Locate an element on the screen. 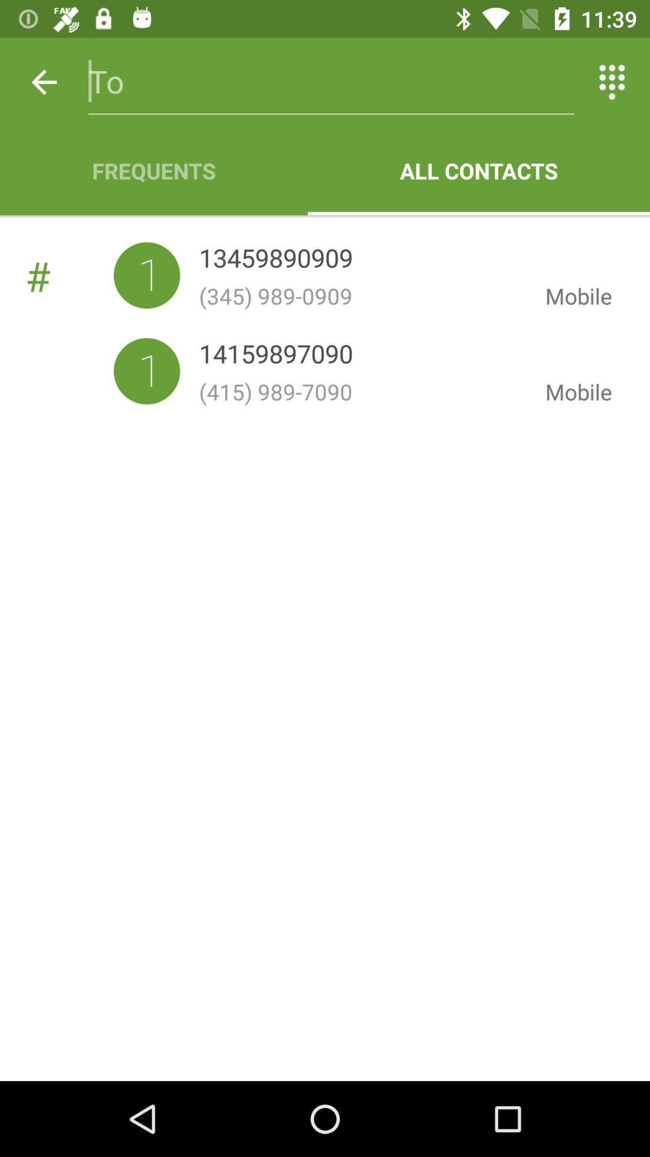 The image size is (650, 1157). the 14159897090 icon is located at coordinates (276, 356).